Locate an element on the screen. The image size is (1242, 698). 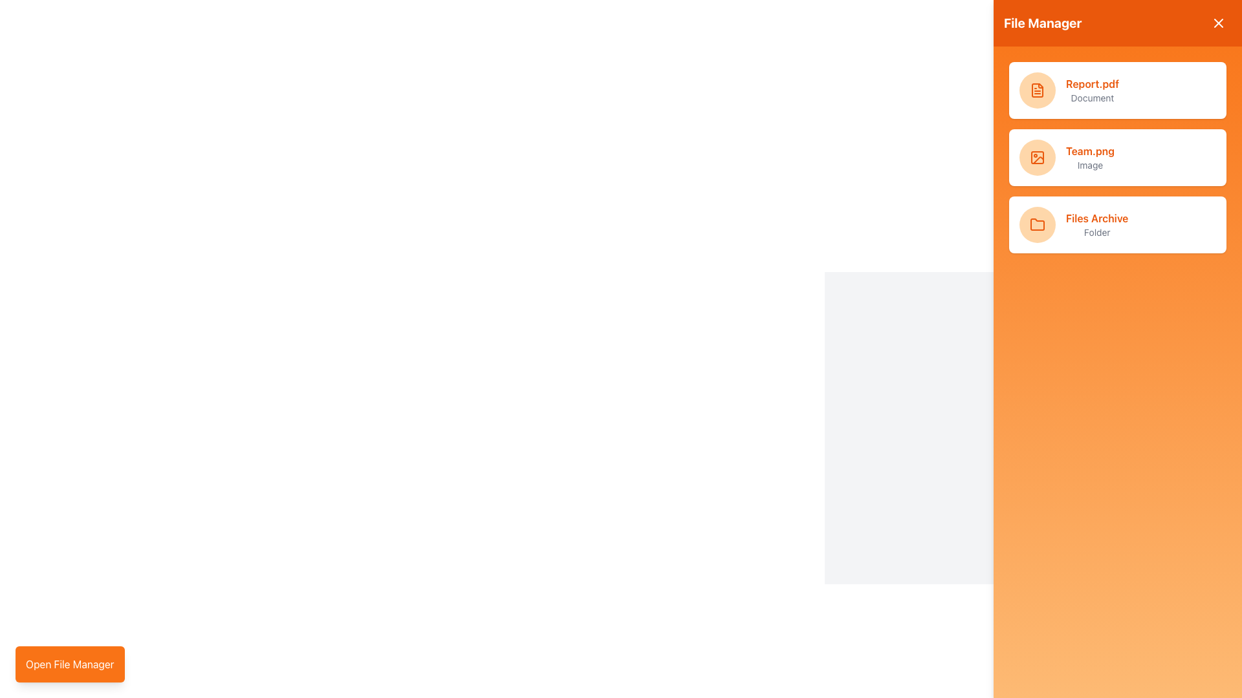
the text label component displaying 'Report.pdf' and 'Document' in the 'File Manager' interface is located at coordinates (1092, 89).